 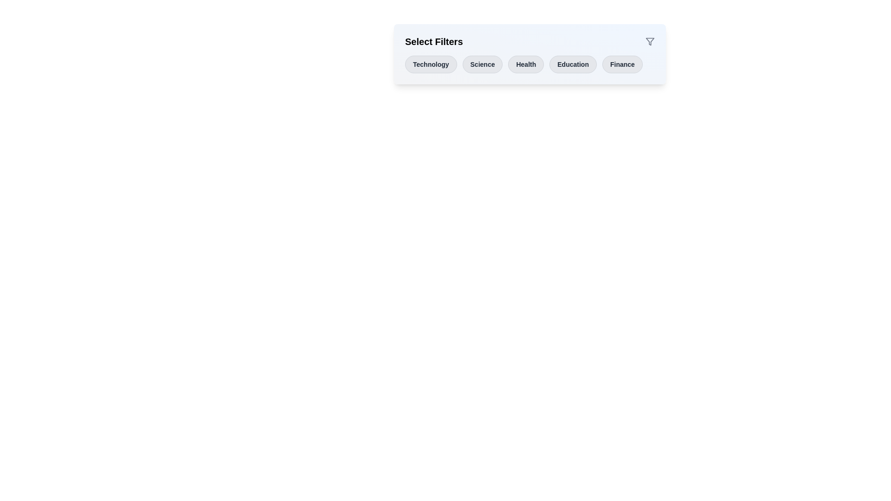 I want to click on the button labeled Science to observe its hover effect, so click(x=483, y=64).